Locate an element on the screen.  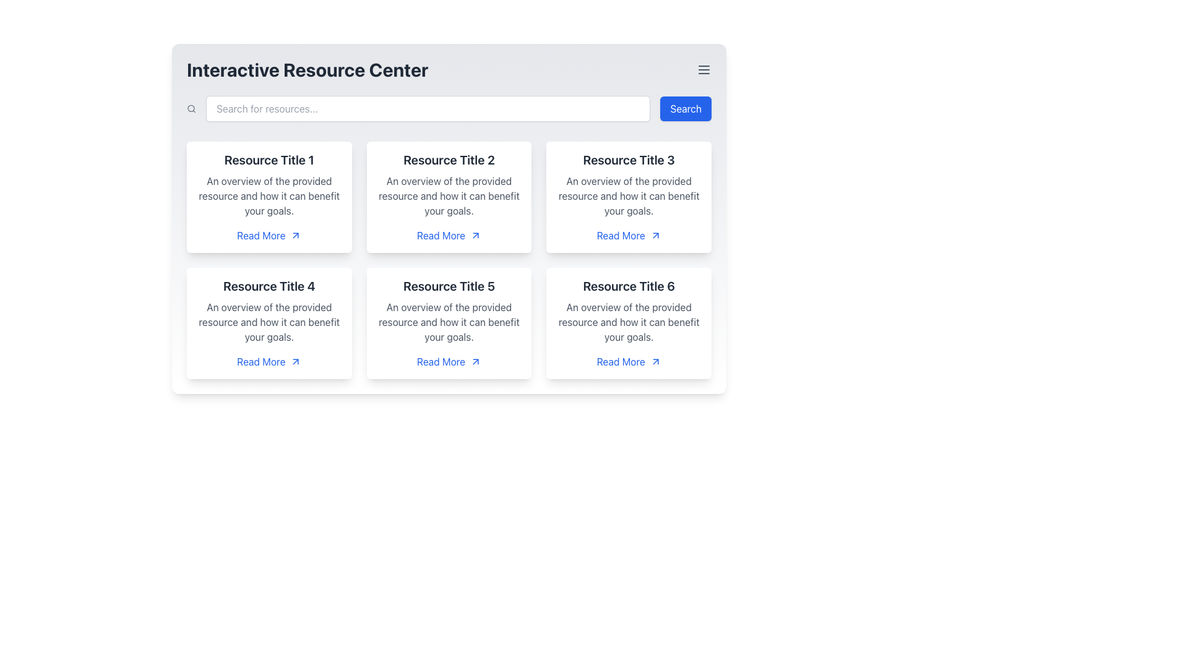
the 'Resource Title 1' text label in the top-left card of the grid layout, which serves as the title for the resource card is located at coordinates (269, 159).